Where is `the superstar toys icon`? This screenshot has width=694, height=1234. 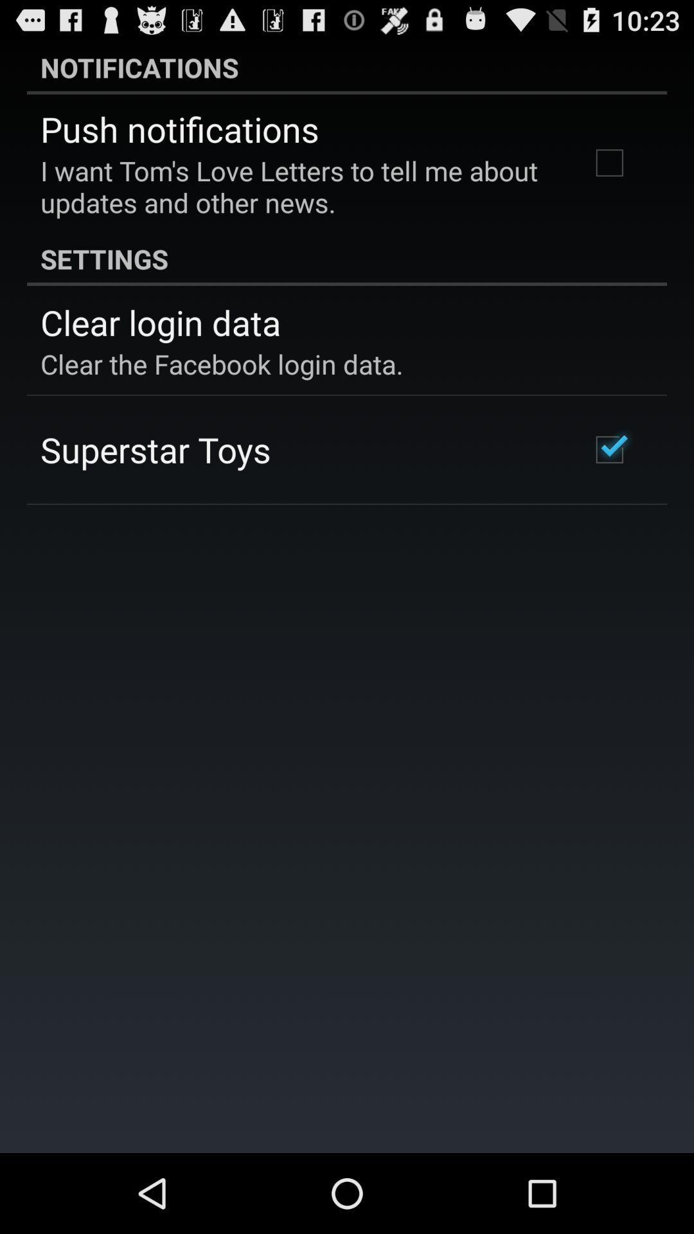 the superstar toys icon is located at coordinates (155, 449).